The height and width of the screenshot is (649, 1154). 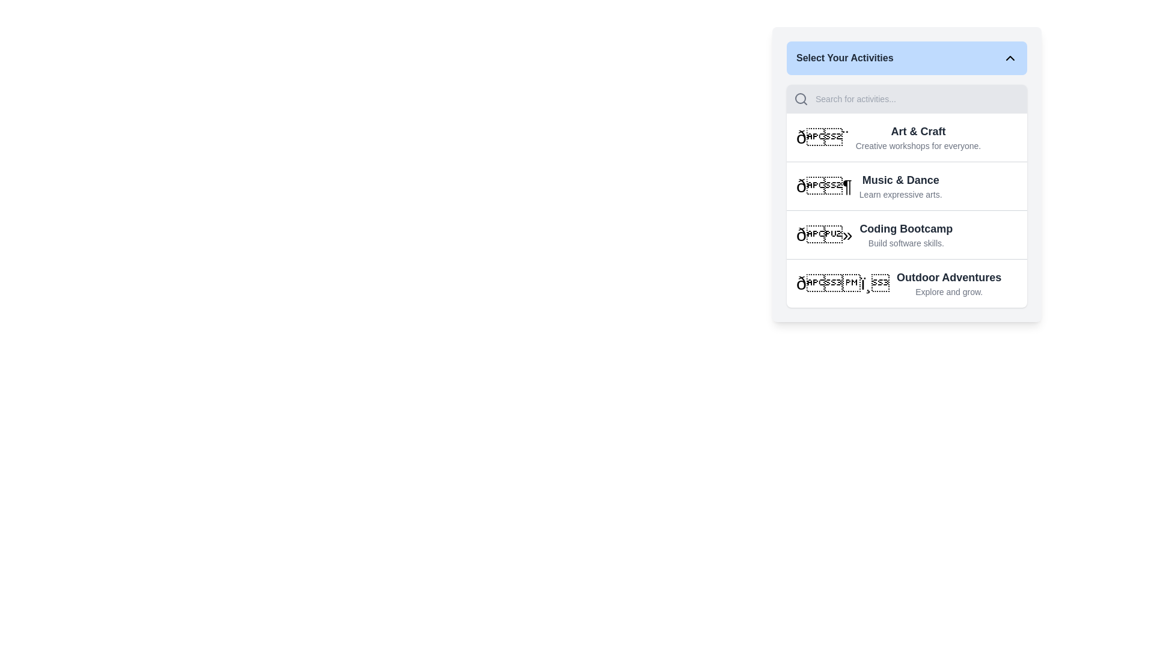 What do you see at coordinates (906, 234) in the screenshot?
I see `the third informational list item labeled 'Coding Bootcamp' located under the header 'Select Your Activities'` at bounding box center [906, 234].